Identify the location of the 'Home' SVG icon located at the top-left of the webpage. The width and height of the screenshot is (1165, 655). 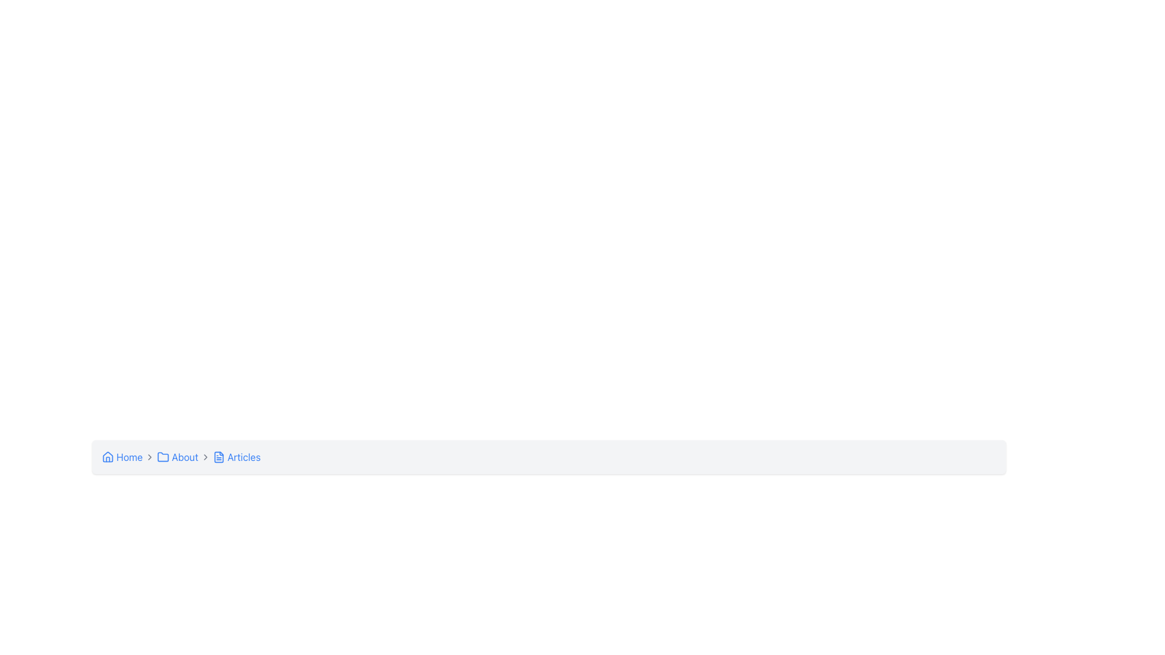
(107, 457).